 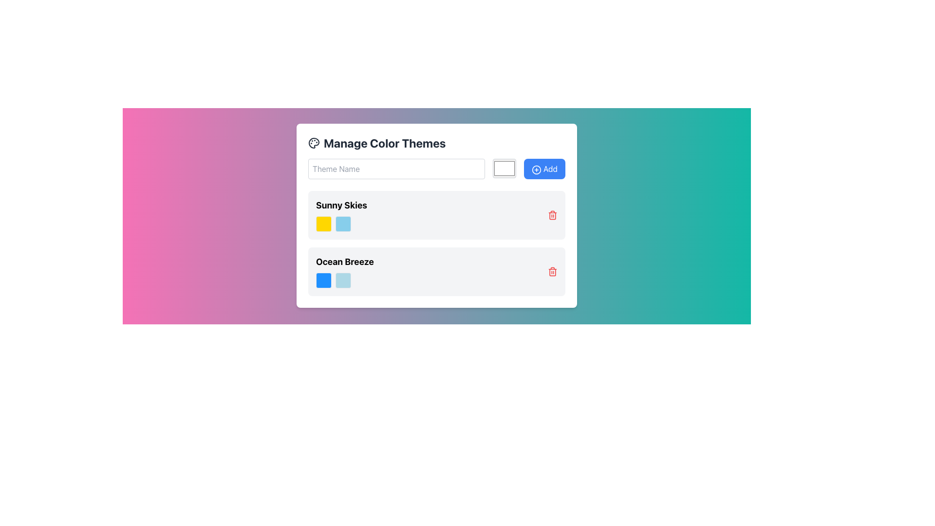 What do you see at coordinates (544, 169) in the screenshot?
I see `the rightmost rectangular button with a blue background, featuring a white plus sign icon and the word 'Add' in white text` at bounding box center [544, 169].